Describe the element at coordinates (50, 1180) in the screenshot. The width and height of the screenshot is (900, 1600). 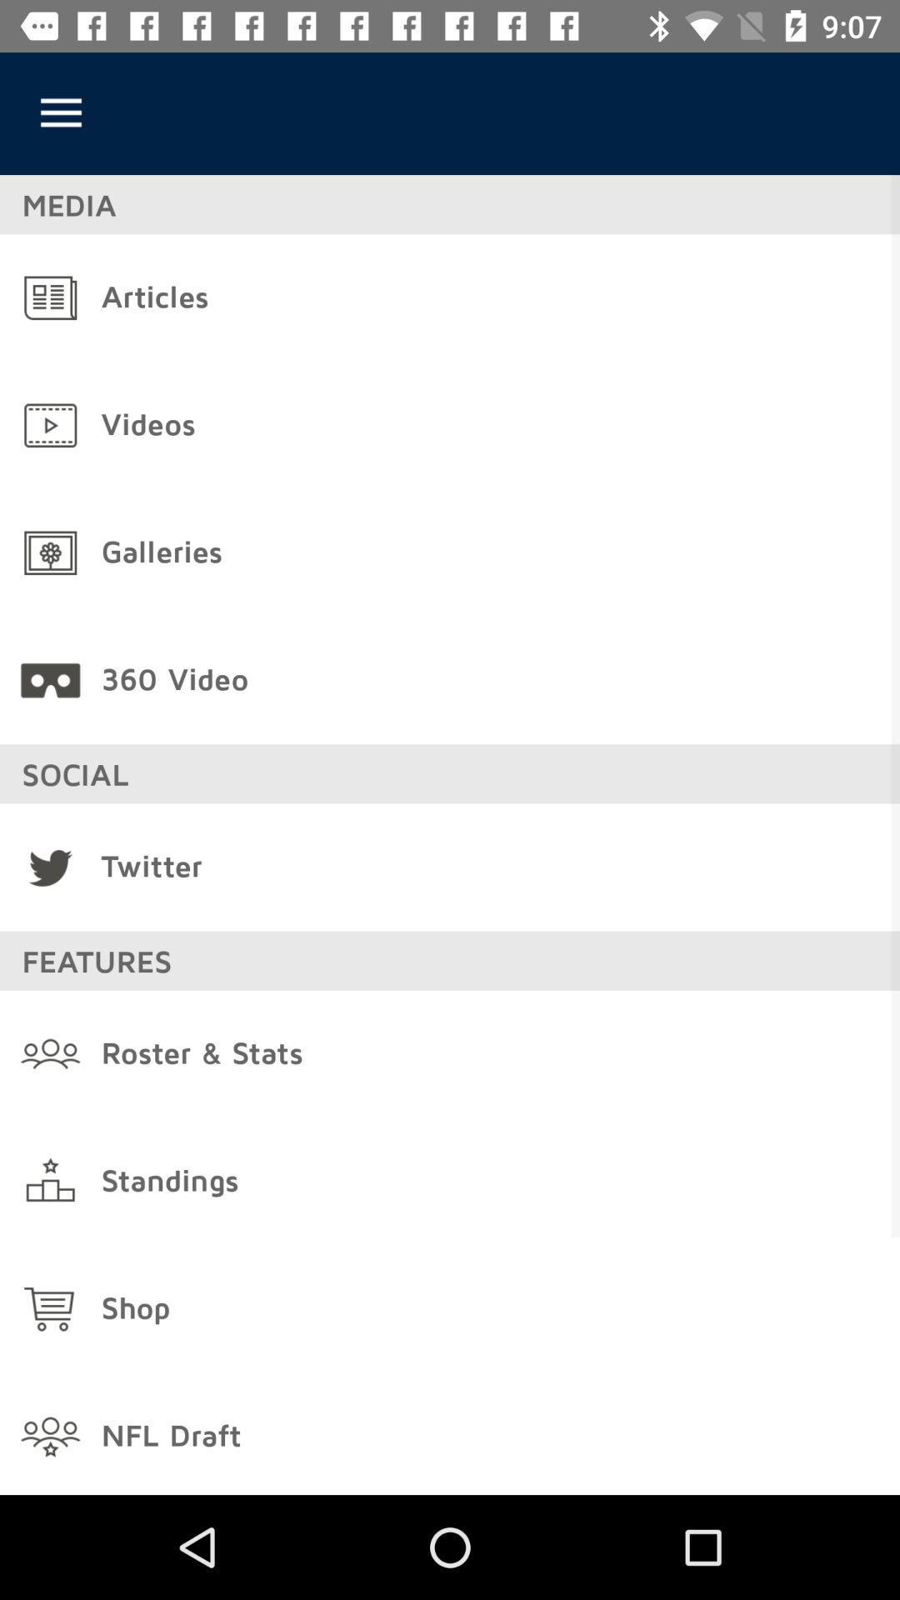
I see `the icon on left to the standings button on the web page` at that location.